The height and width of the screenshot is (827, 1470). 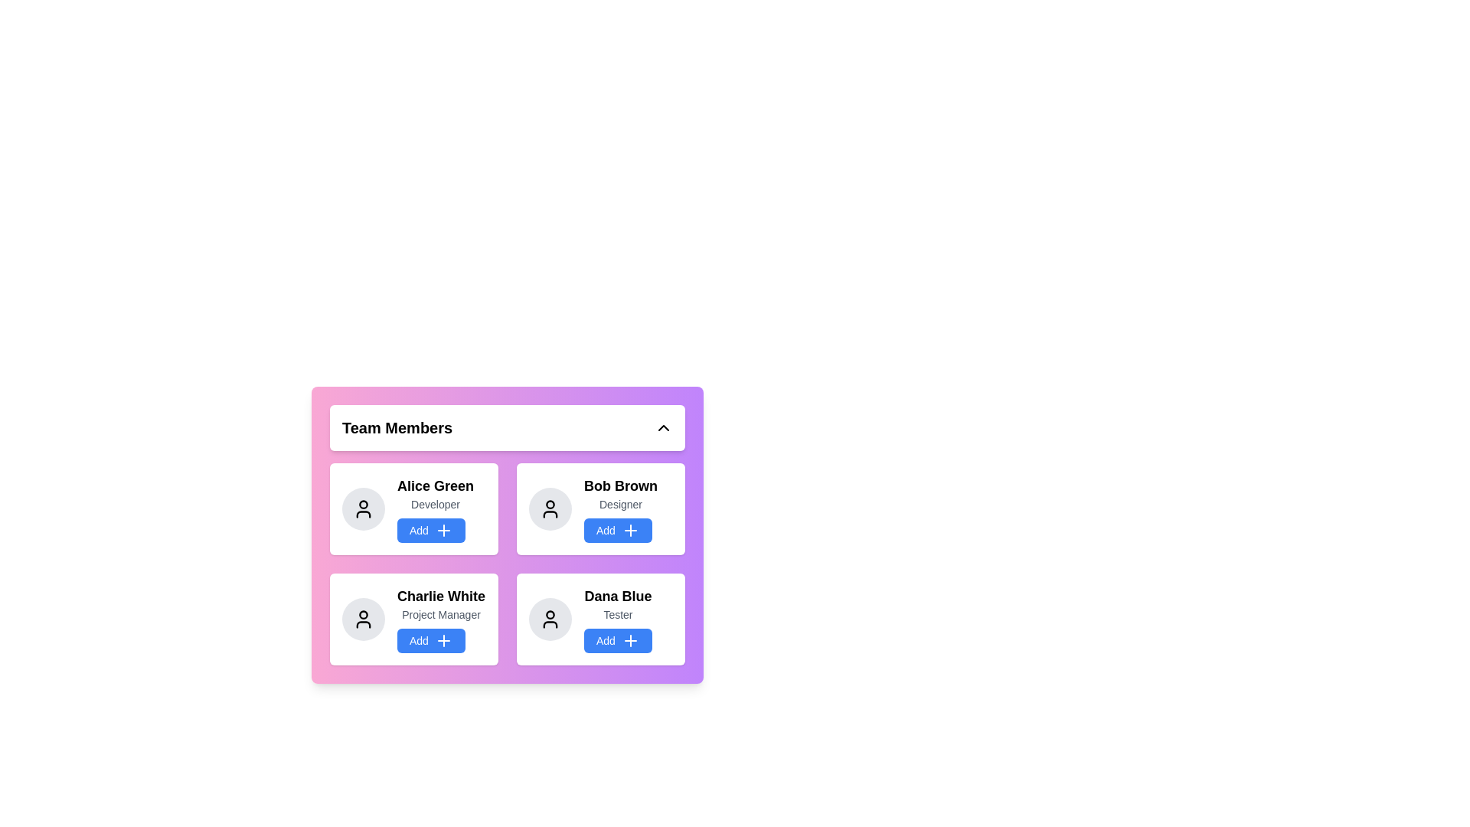 What do you see at coordinates (435, 486) in the screenshot?
I see `the text label displaying the name 'Alice Green', which is bold and larger in font, located in the top-left quadrant of the user profile card` at bounding box center [435, 486].